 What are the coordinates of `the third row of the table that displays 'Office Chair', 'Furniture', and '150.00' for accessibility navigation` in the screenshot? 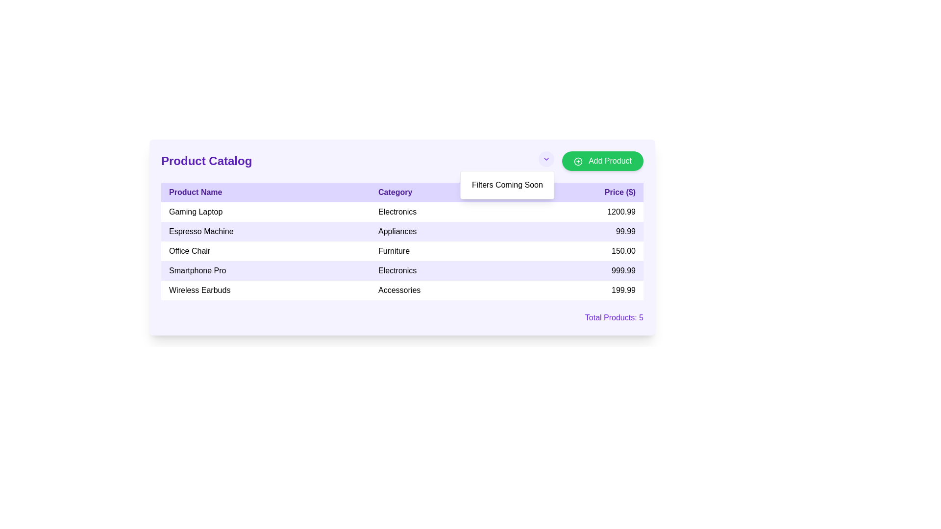 It's located at (402, 251).